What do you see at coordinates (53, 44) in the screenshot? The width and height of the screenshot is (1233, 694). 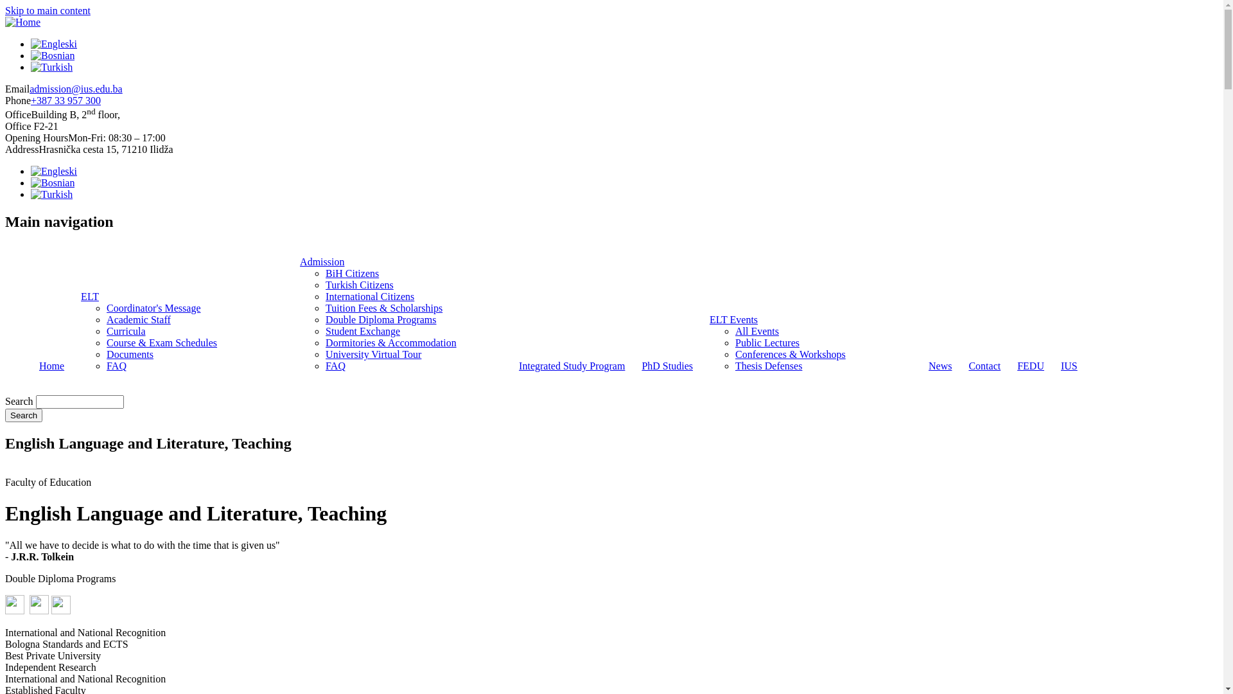 I see `'Engleski'` at bounding box center [53, 44].